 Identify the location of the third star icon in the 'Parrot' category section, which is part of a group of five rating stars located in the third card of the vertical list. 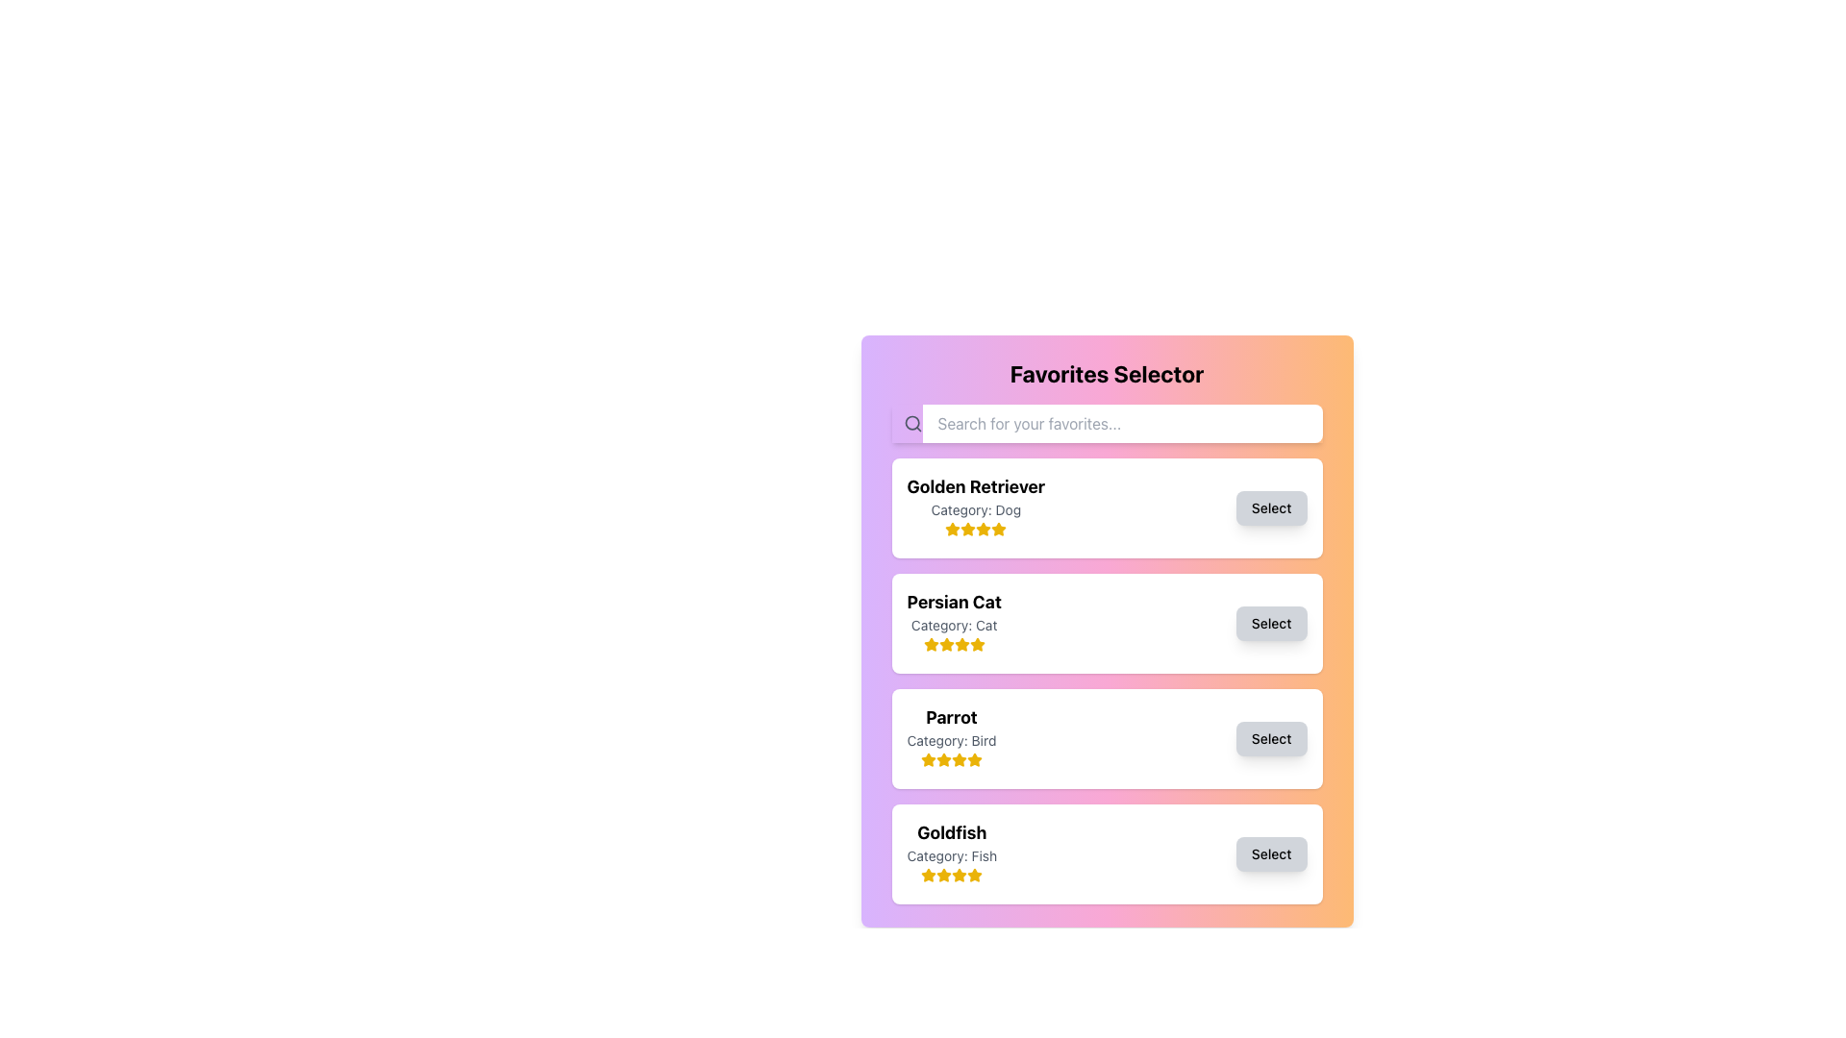
(951, 758).